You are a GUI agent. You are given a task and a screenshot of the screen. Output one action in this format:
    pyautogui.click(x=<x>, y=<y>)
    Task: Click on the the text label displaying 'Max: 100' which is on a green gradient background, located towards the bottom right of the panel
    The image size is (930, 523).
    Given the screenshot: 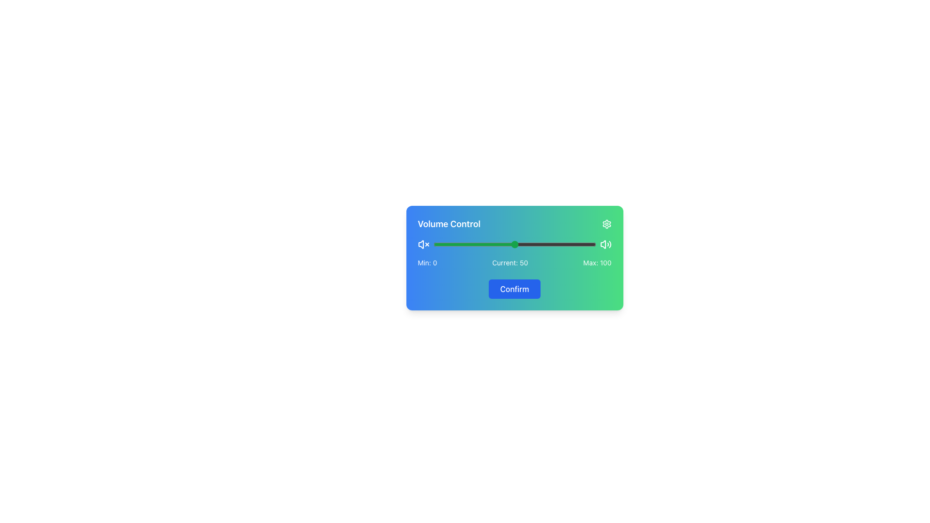 What is the action you would take?
    pyautogui.click(x=597, y=263)
    